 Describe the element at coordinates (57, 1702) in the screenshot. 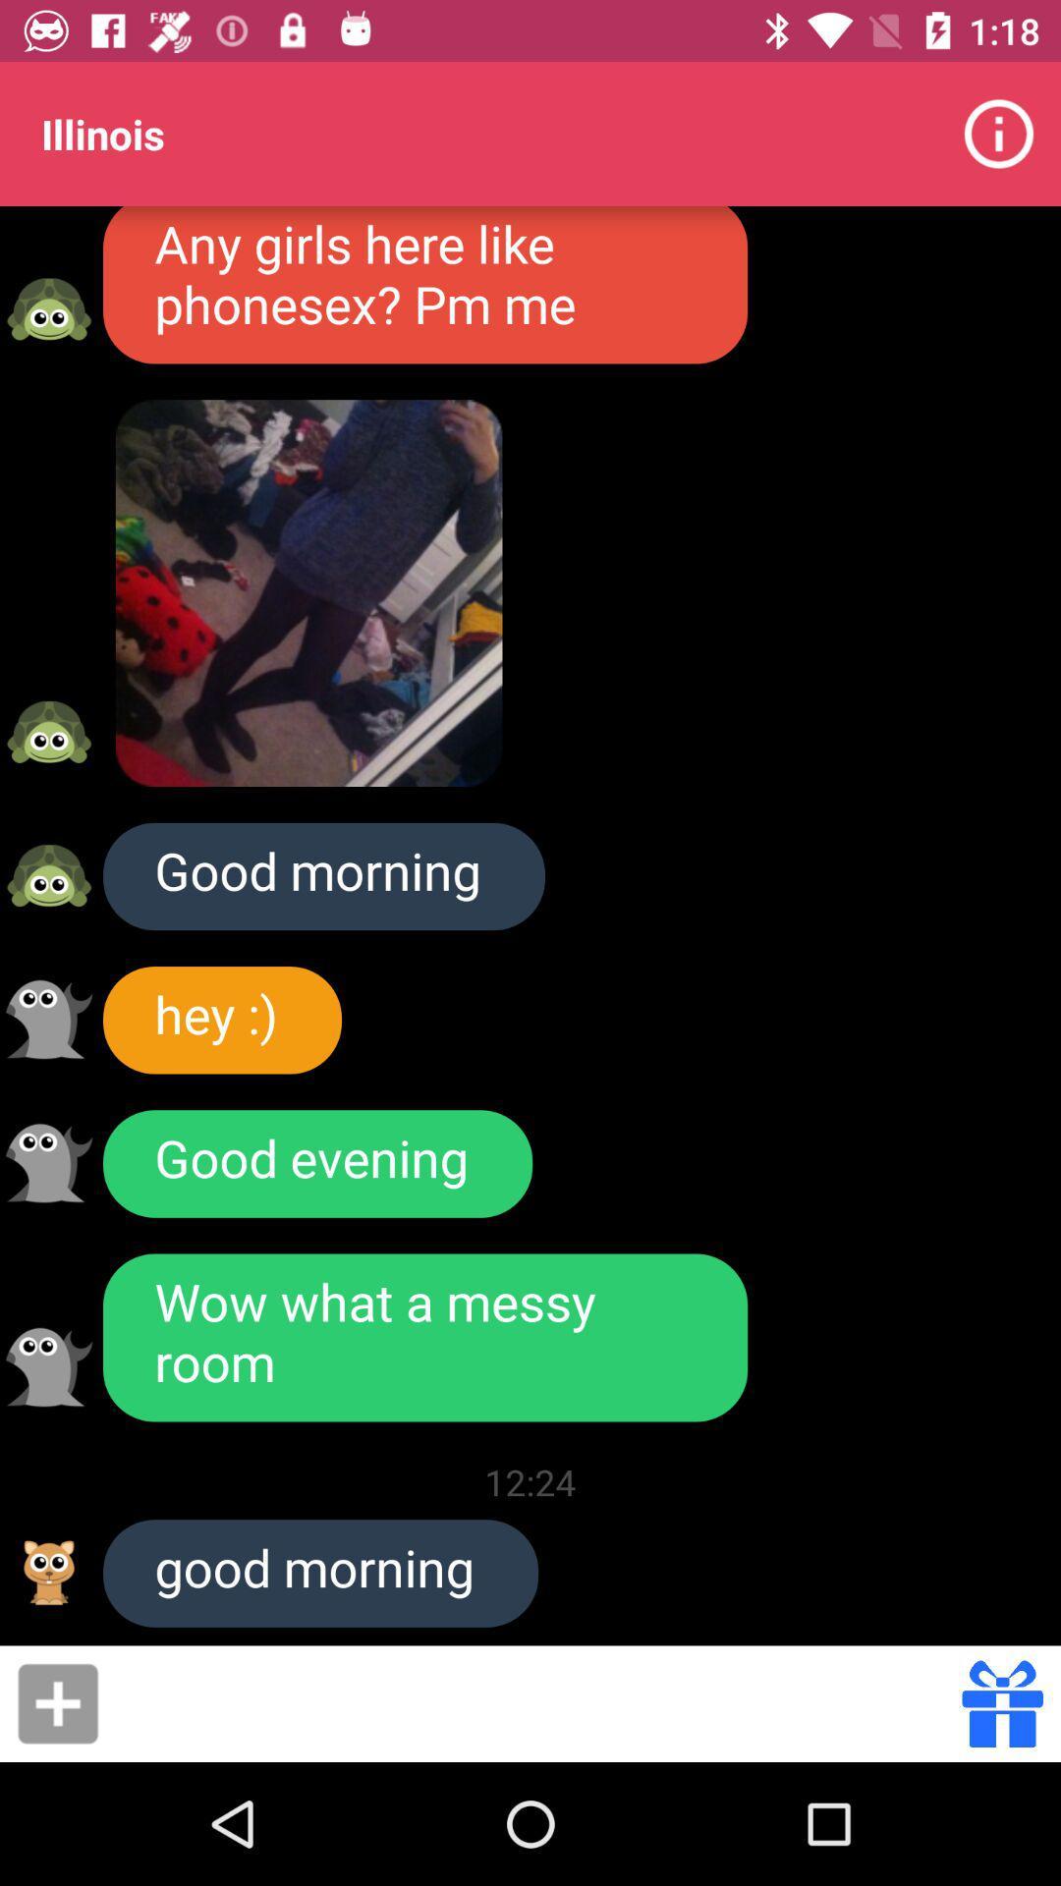

I see `the add icon` at that location.